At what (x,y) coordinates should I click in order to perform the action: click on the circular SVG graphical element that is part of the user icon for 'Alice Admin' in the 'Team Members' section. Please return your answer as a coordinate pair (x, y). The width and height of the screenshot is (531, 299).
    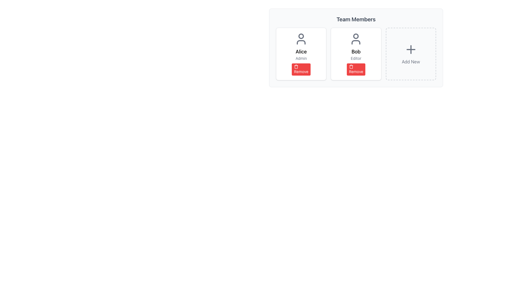
    Looking at the image, I should click on (301, 36).